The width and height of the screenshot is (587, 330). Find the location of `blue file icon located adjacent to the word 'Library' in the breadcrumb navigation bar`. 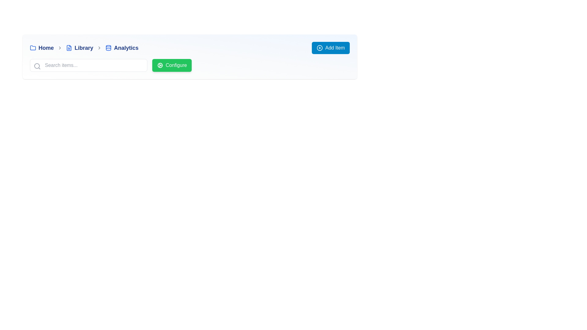

blue file icon located adjacent to the word 'Library' in the breadcrumb navigation bar is located at coordinates (69, 48).